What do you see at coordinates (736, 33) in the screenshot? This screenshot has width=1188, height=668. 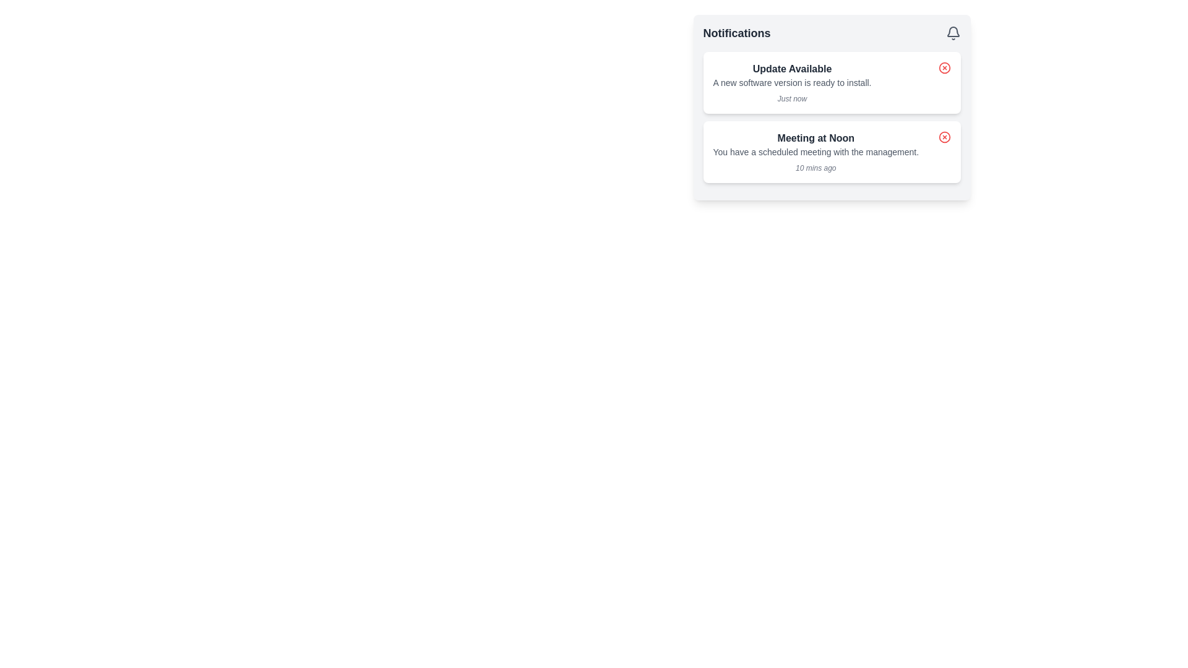 I see `text from the Text Label located at the top-left corner of the notification section, which provides a title or heading for the content below` at bounding box center [736, 33].